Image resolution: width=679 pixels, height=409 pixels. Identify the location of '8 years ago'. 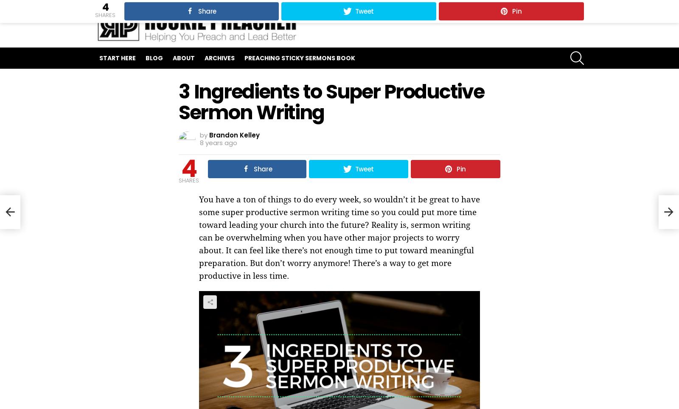
(218, 142).